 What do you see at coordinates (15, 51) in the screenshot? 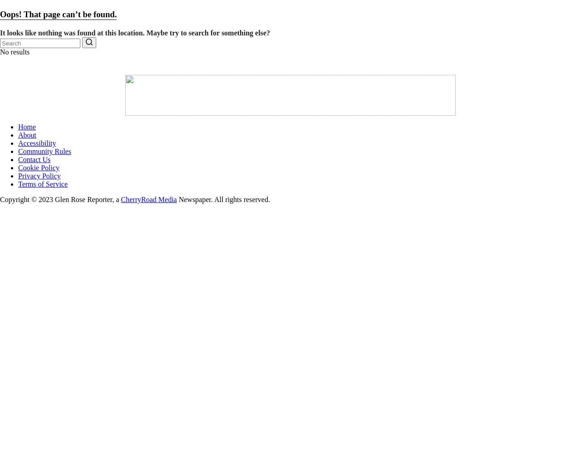
I see `'No results'` at bounding box center [15, 51].